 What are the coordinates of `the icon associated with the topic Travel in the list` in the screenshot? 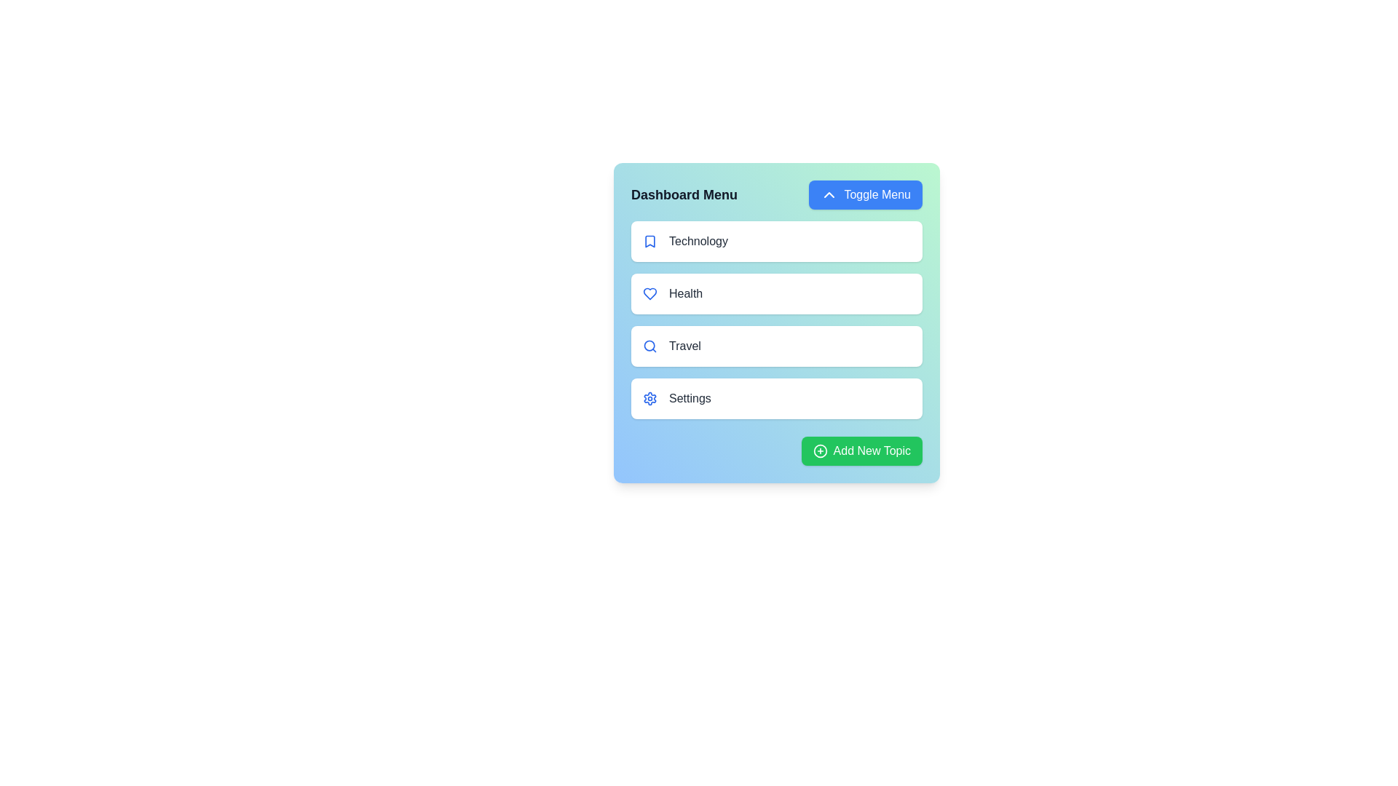 It's located at (649, 346).